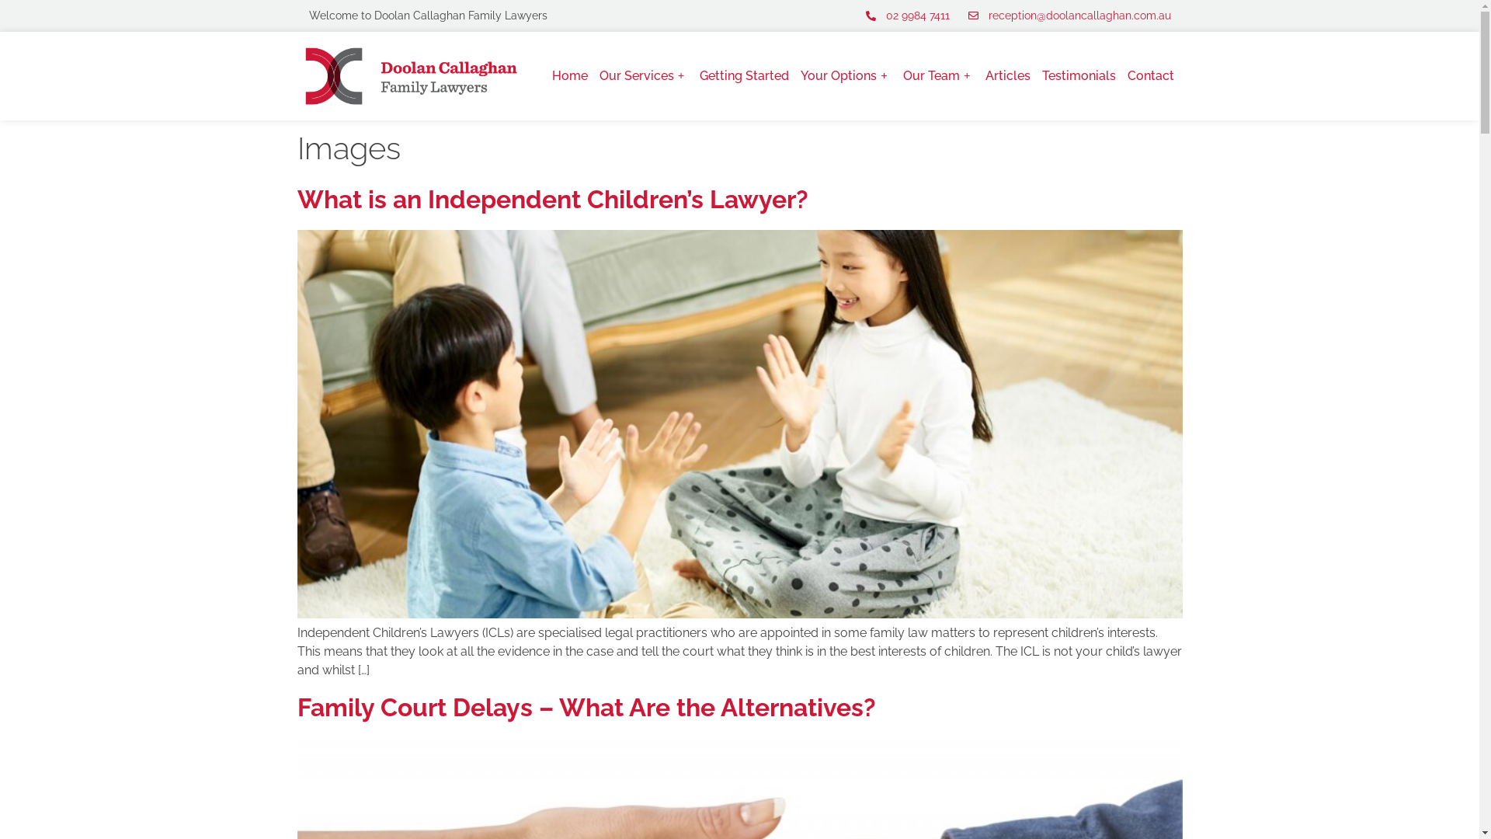 The image size is (1491, 839). Describe the element at coordinates (938, 75) in the screenshot. I see `'Our Team'` at that location.